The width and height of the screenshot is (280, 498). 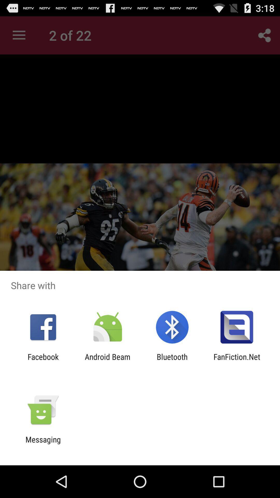 What do you see at coordinates (172, 361) in the screenshot?
I see `the bluetooth` at bounding box center [172, 361].